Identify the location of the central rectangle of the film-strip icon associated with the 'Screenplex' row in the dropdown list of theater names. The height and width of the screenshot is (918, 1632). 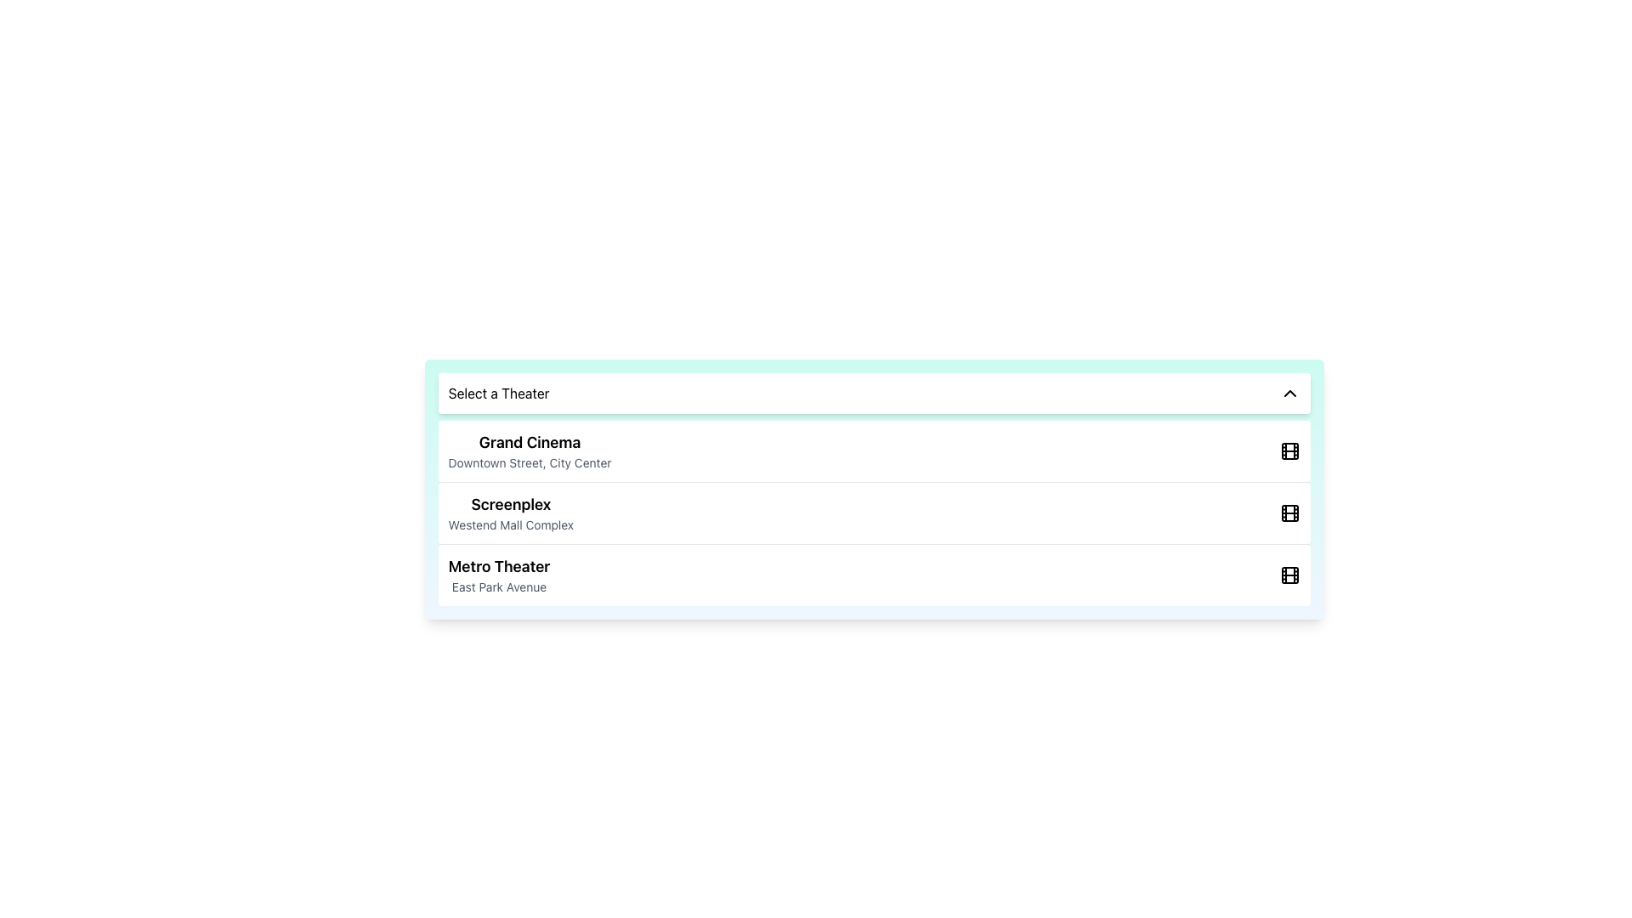
(1290, 513).